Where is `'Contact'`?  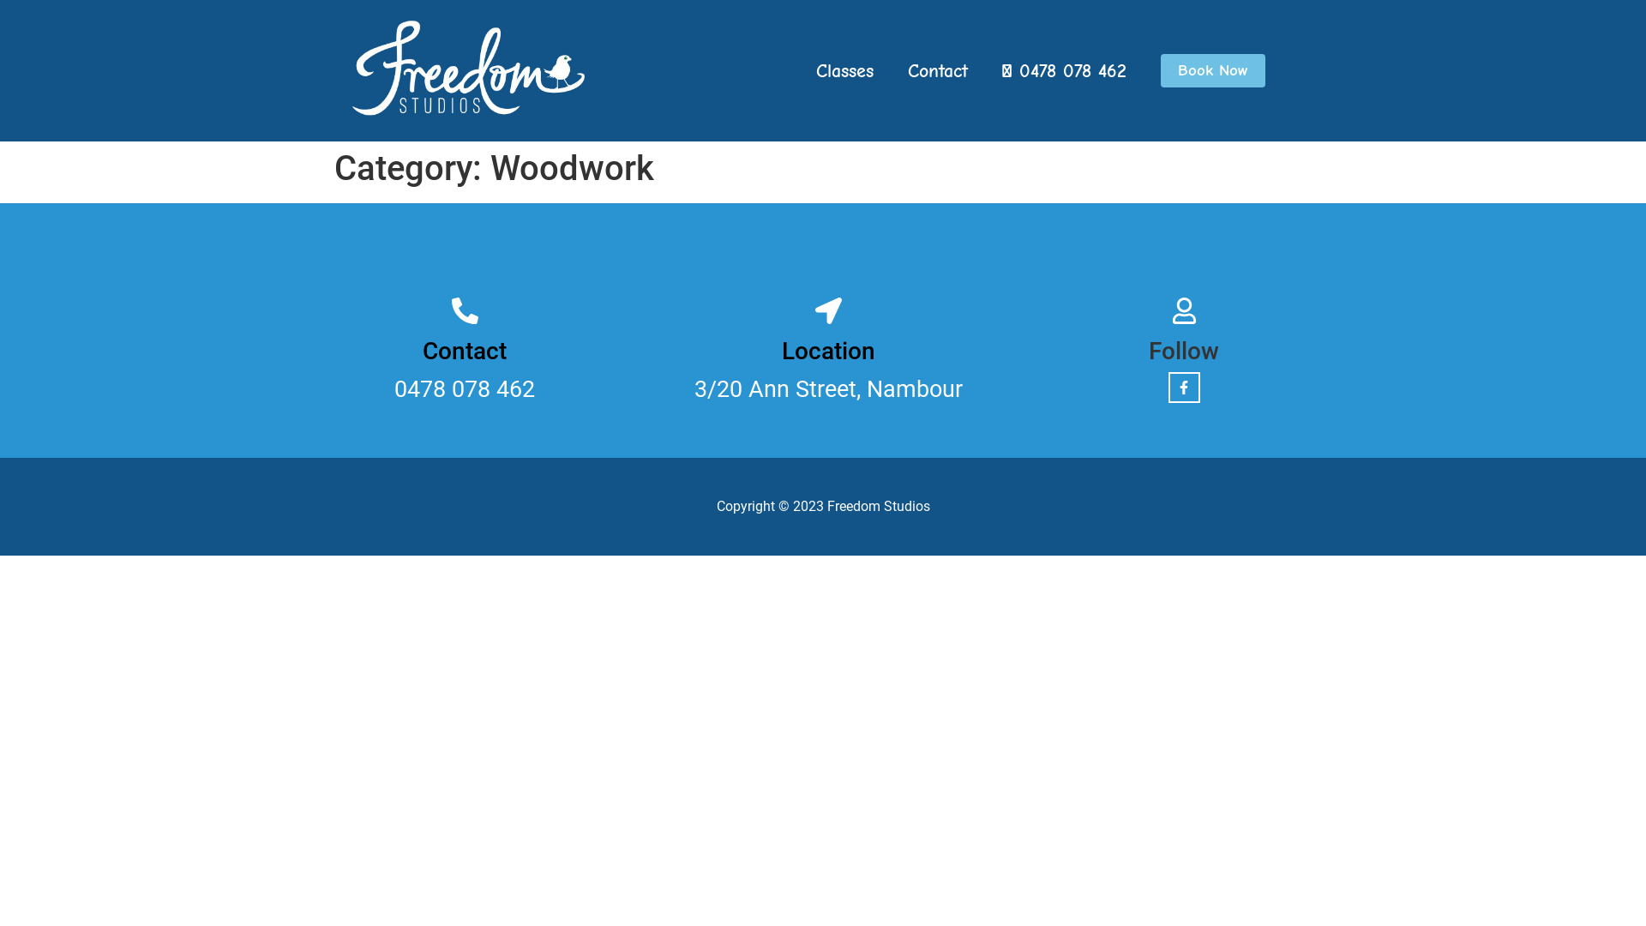
'Contact' is located at coordinates (937, 70).